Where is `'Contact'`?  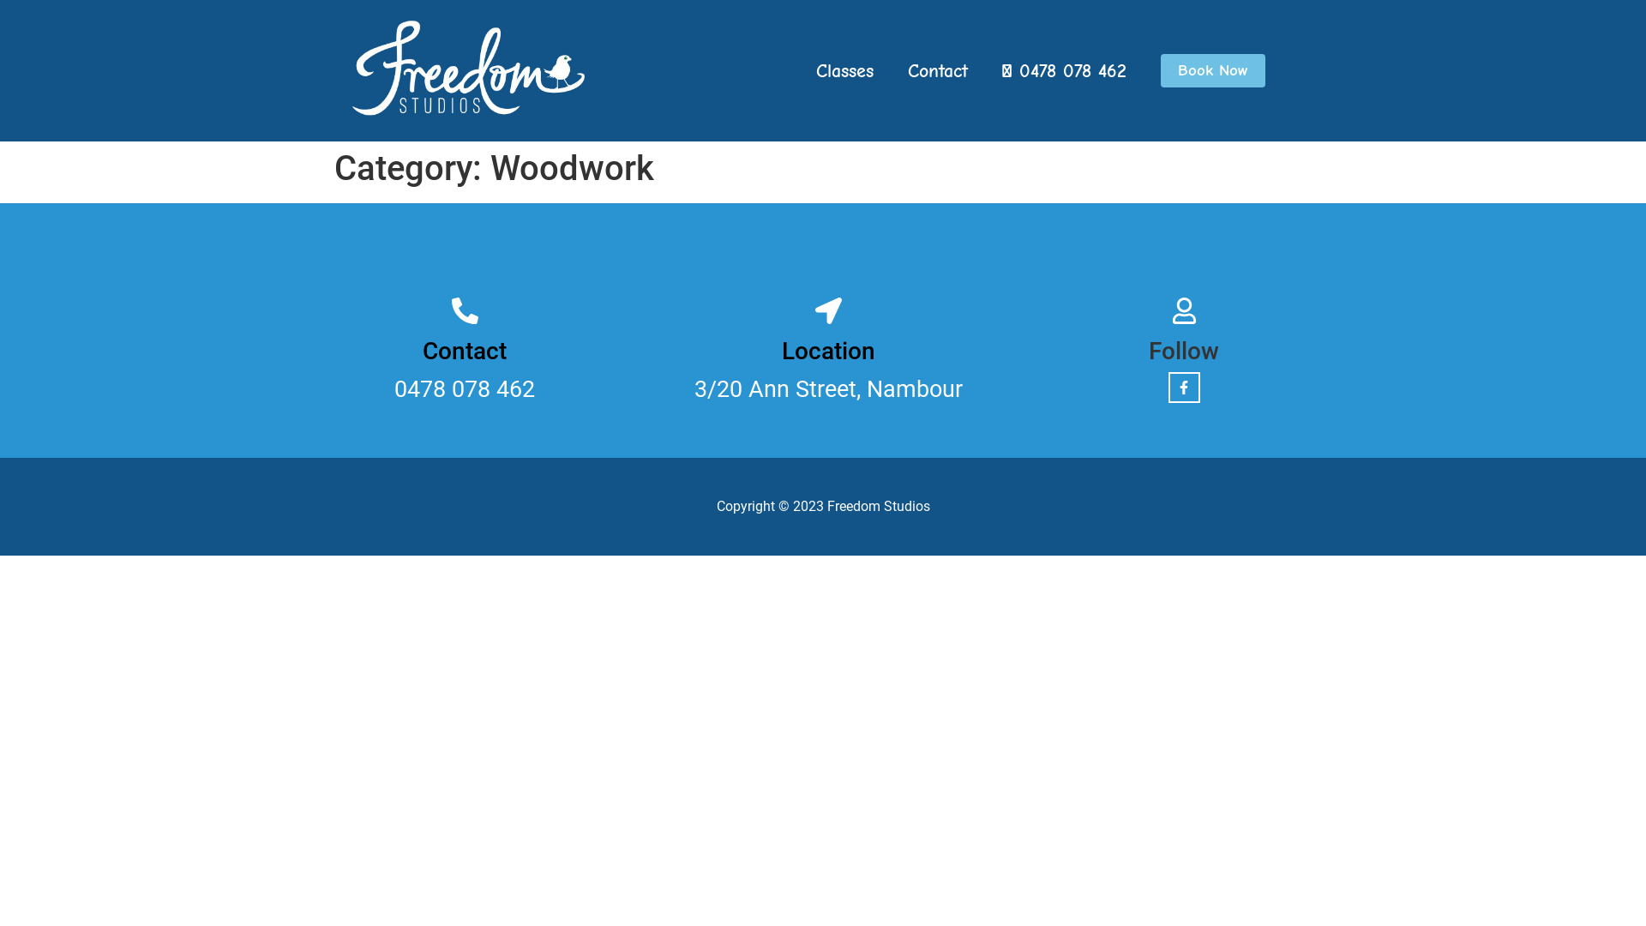
'Contact' is located at coordinates (937, 70).